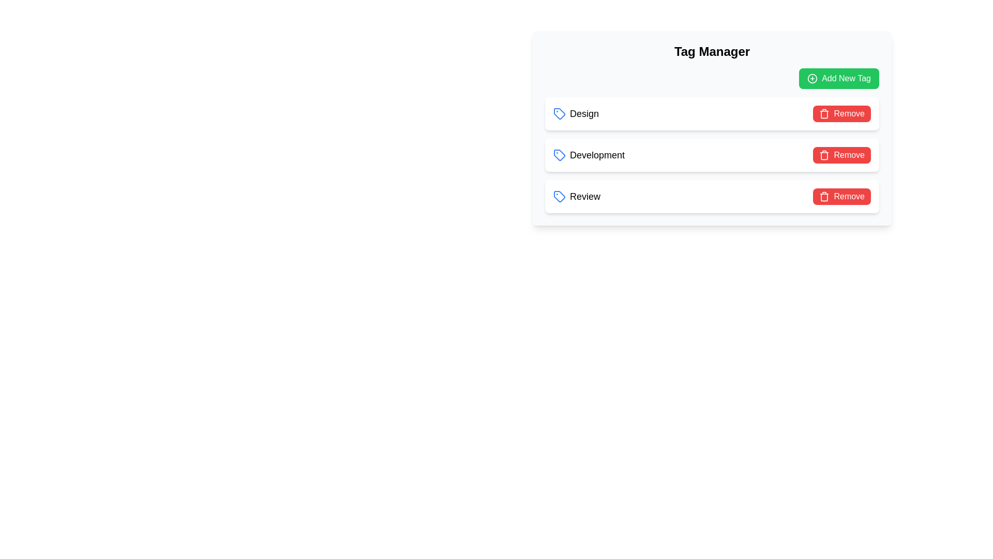 The image size is (993, 559). What do you see at coordinates (585, 197) in the screenshot?
I see `the label indicating a tag or category name located on the right side of the interface, in the third row under the 'Tag Manager' header` at bounding box center [585, 197].